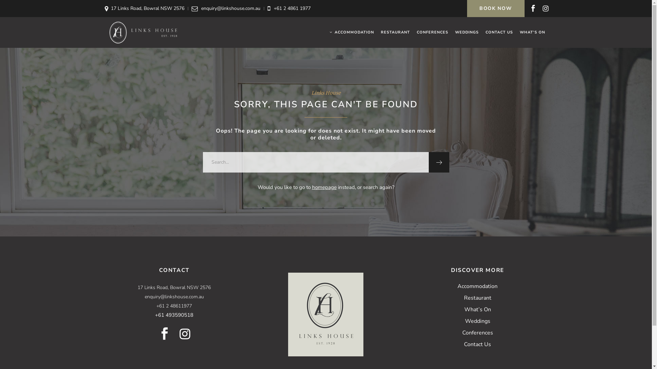 This screenshot has width=657, height=369. Describe the element at coordinates (292, 8) in the screenshot. I see `'+61 2 4861 1977'` at that location.